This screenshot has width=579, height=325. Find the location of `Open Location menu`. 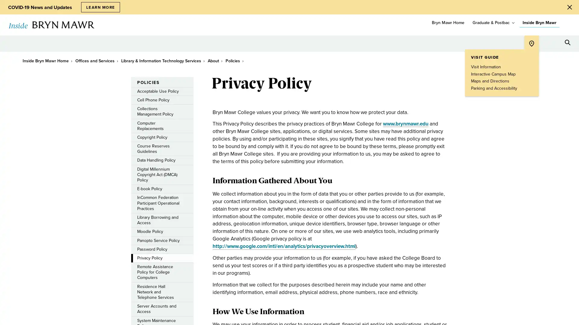

Open Location menu is located at coordinates (523, 42).